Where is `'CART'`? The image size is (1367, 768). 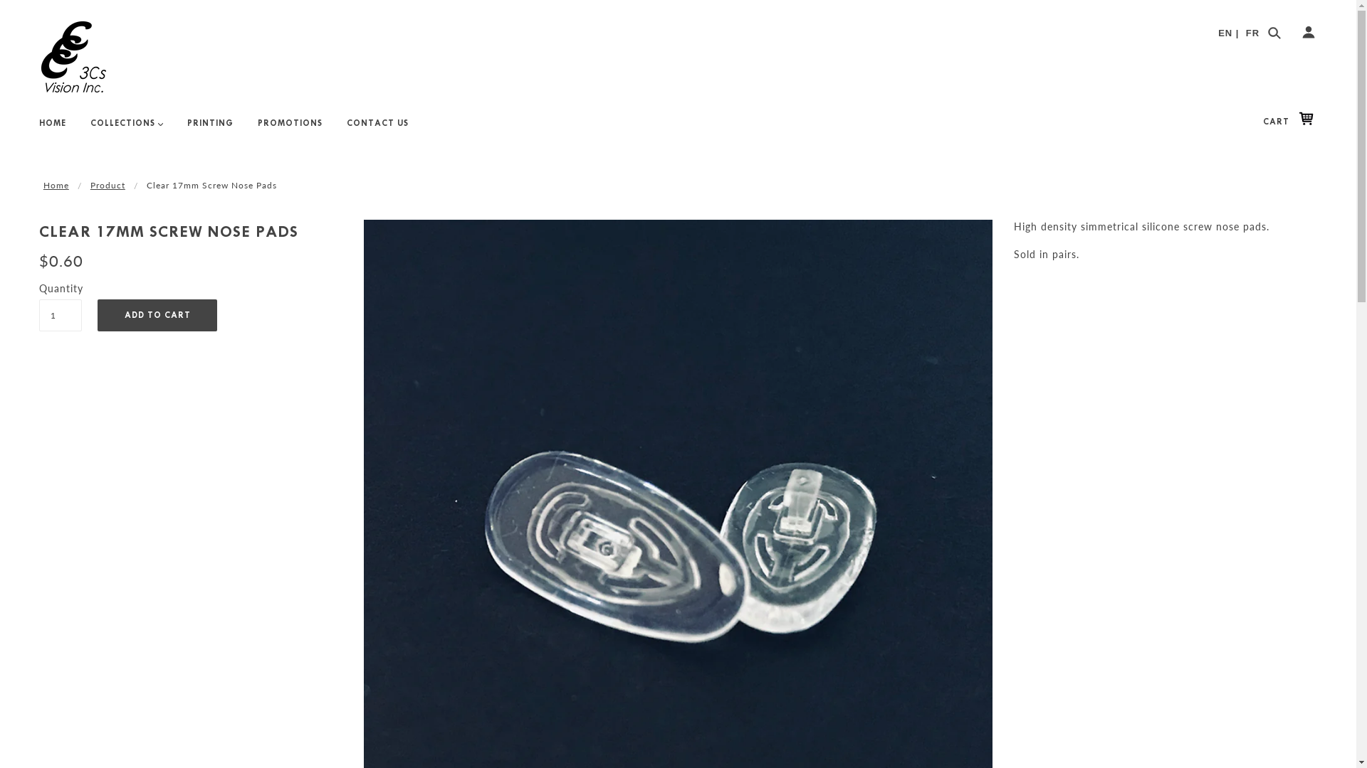
'CART' is located at coordinates (1291, 120).